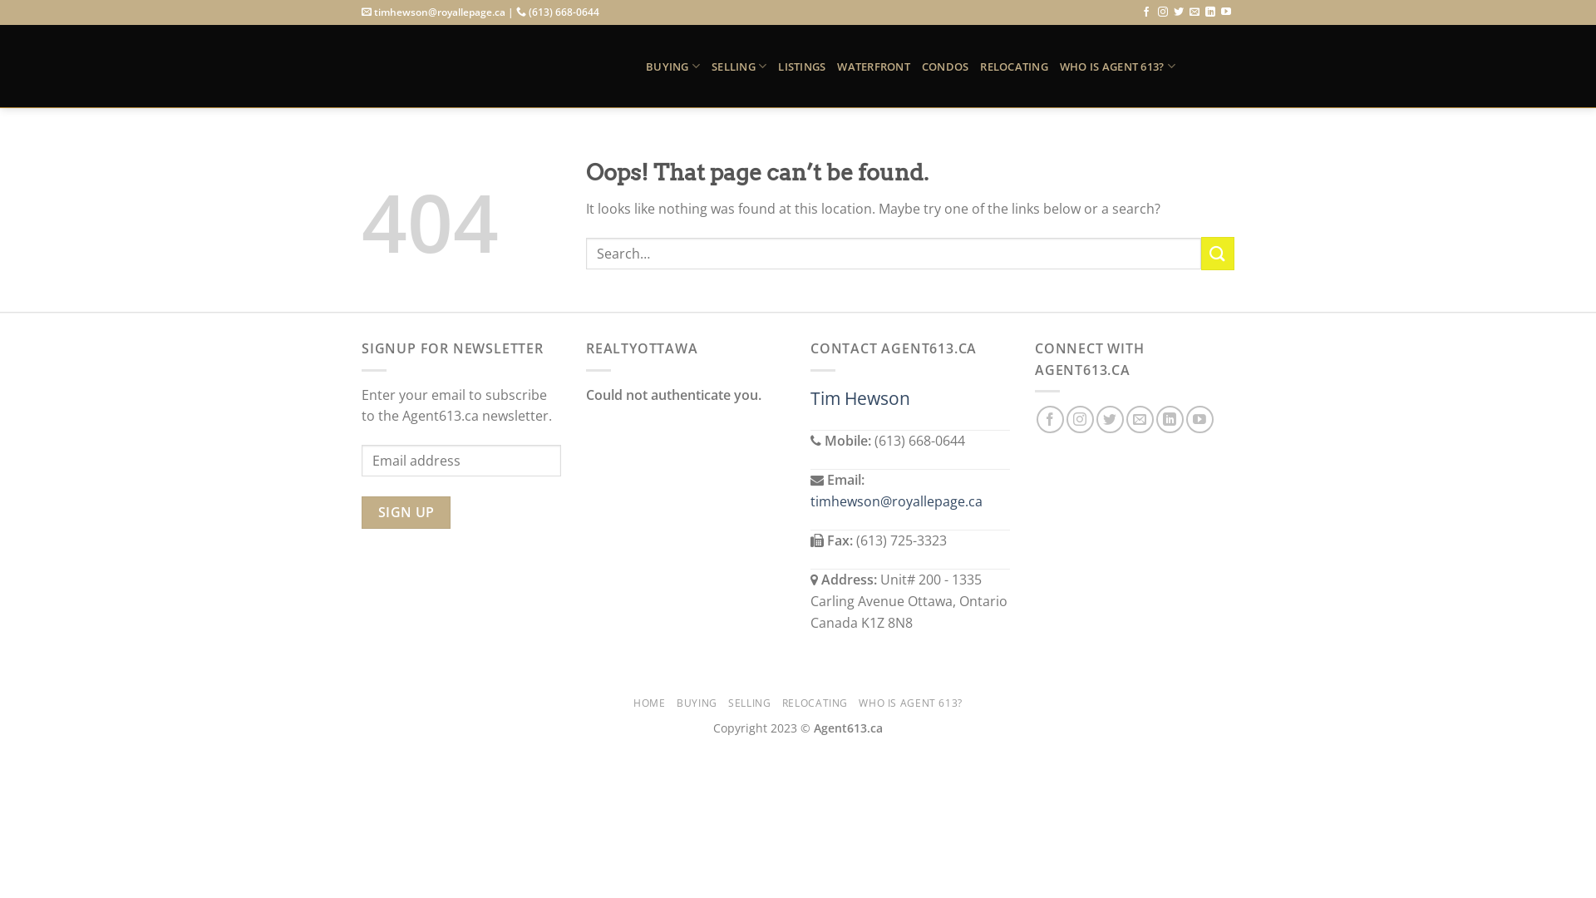 The image size is (1596, 898). What do you see at coordinates (1225, 12) in the screenshot?
I see `'Follow on YouTube'` at bounding box center [1225, 12].